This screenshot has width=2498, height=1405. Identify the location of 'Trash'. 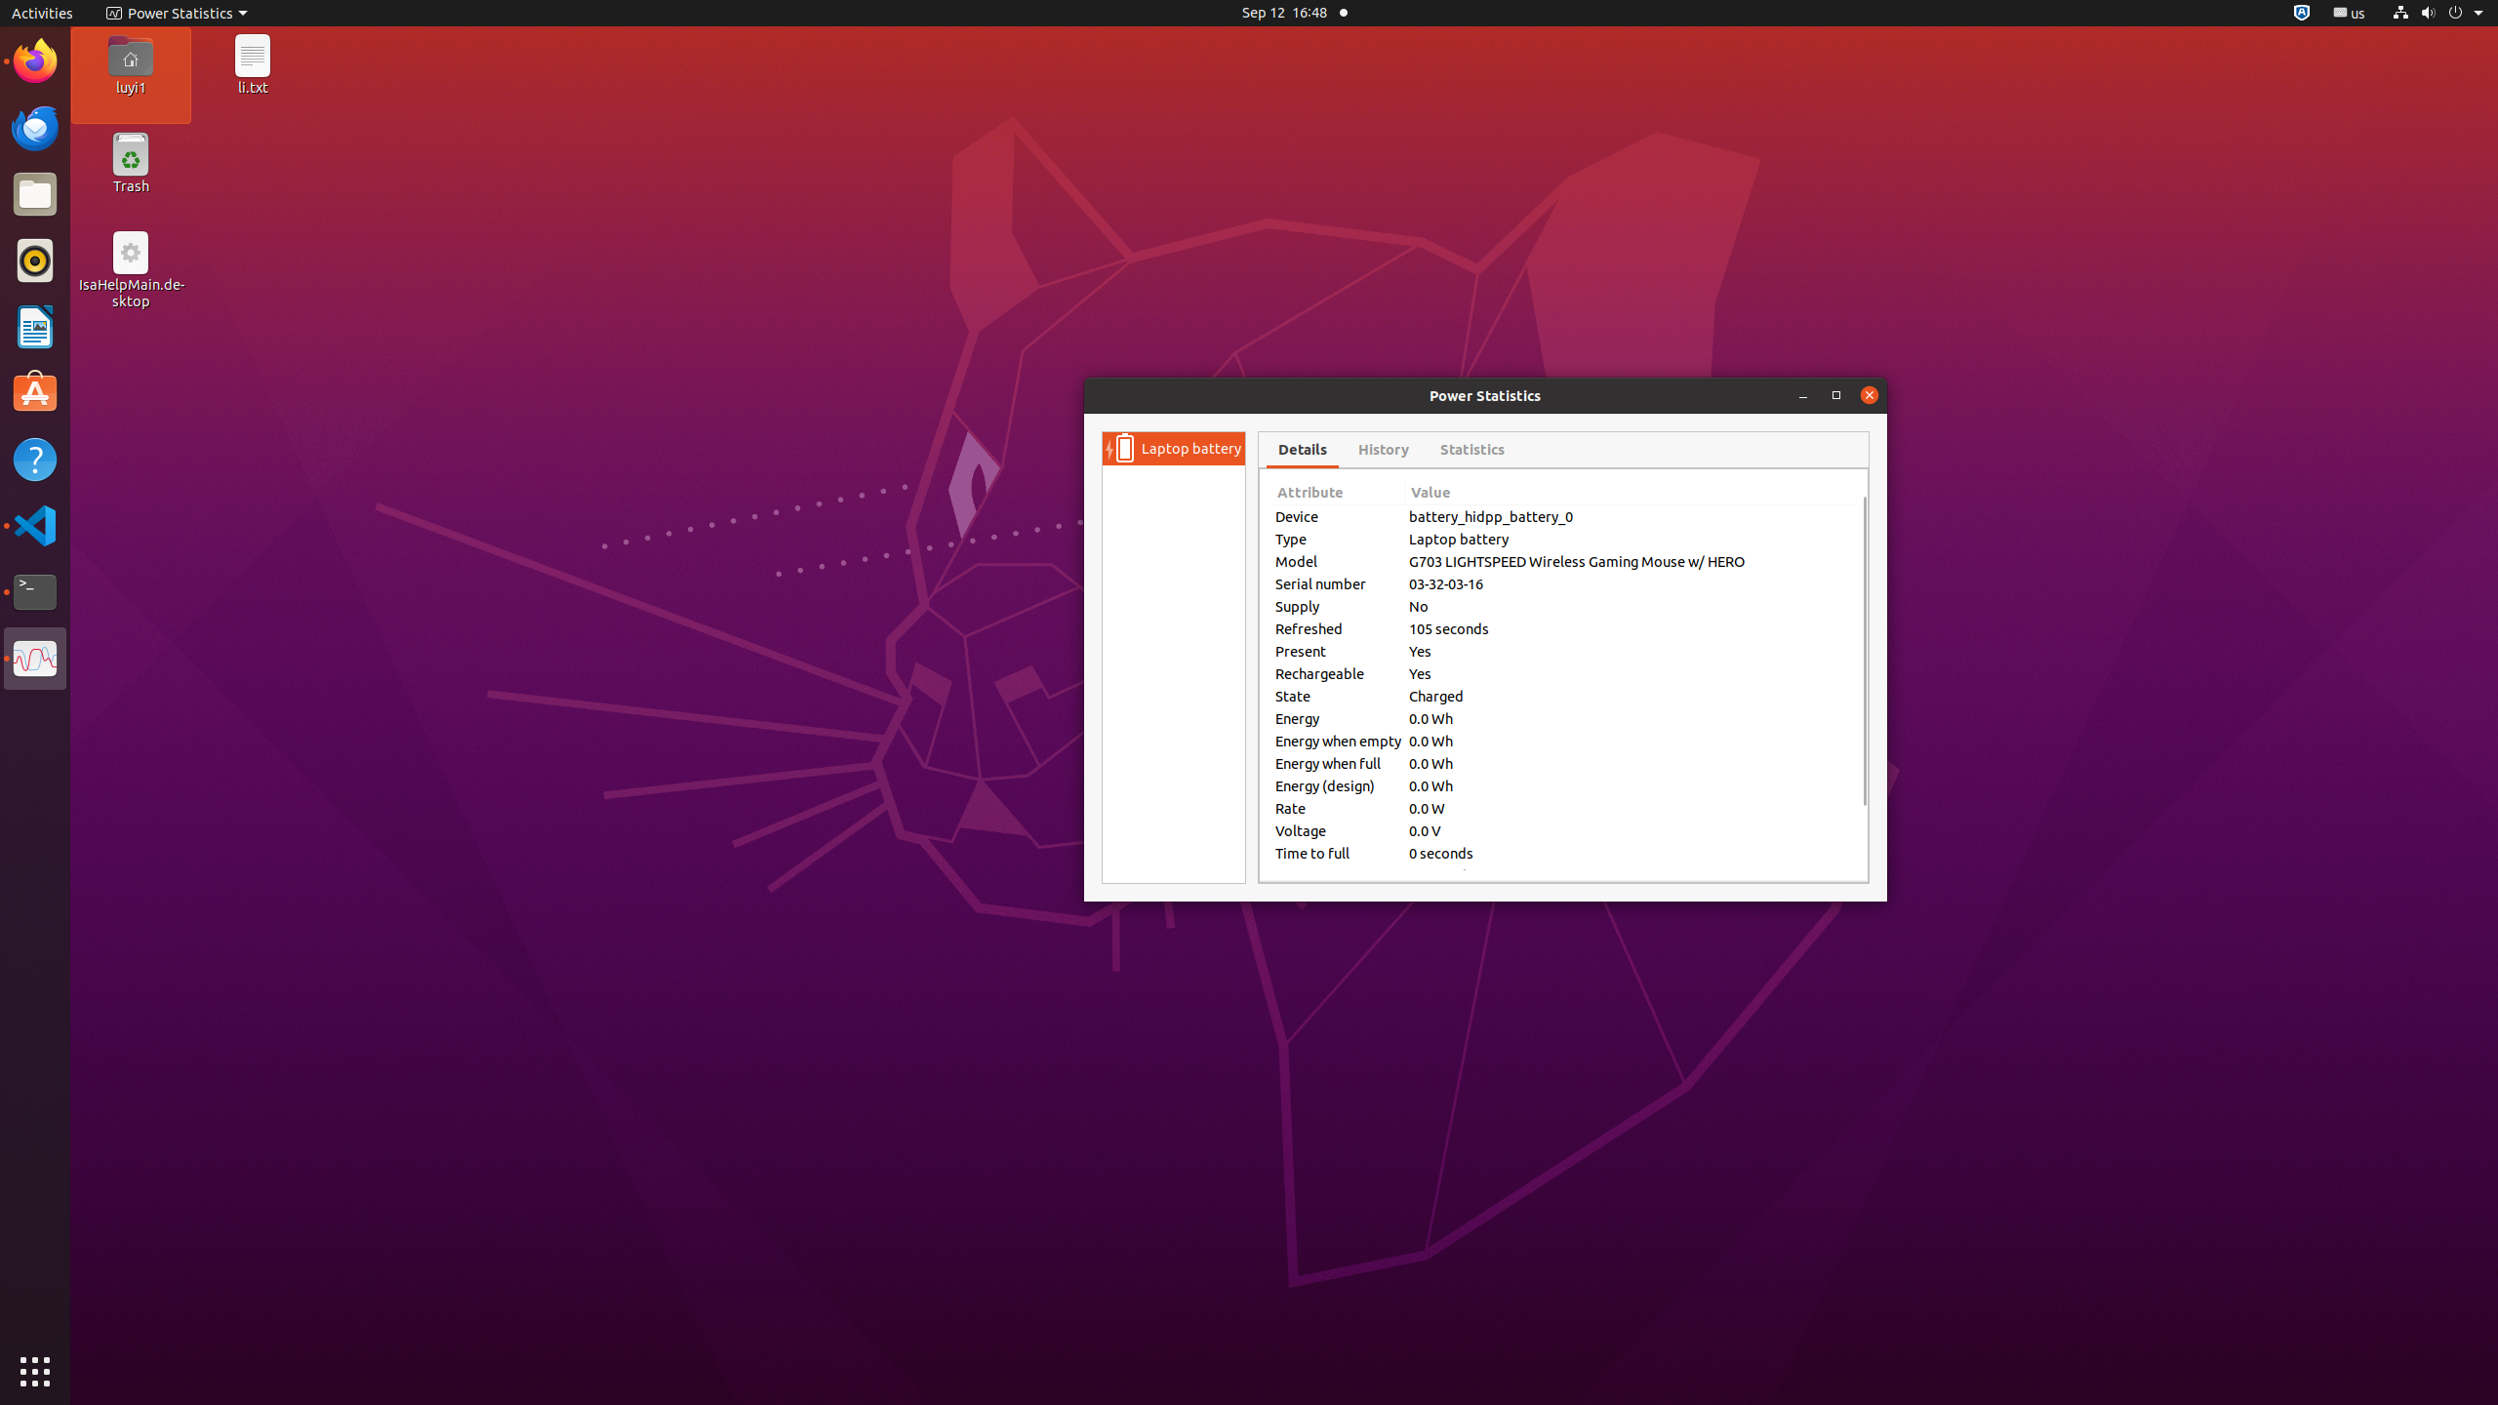
(130, 184).